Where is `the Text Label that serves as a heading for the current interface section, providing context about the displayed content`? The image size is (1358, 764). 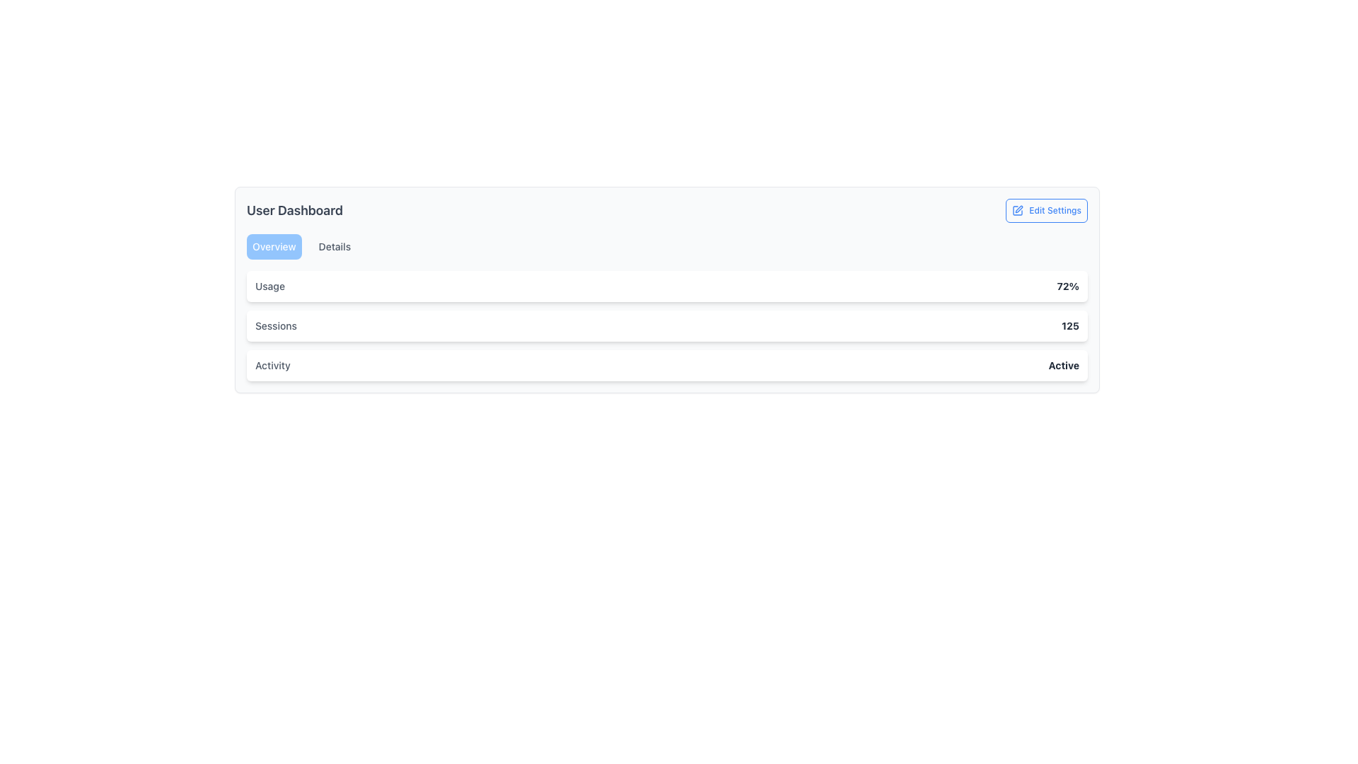
the Text Label that serves as a heading for the current interface section, providing context about the displayed content is located at coordinates (294, 210).